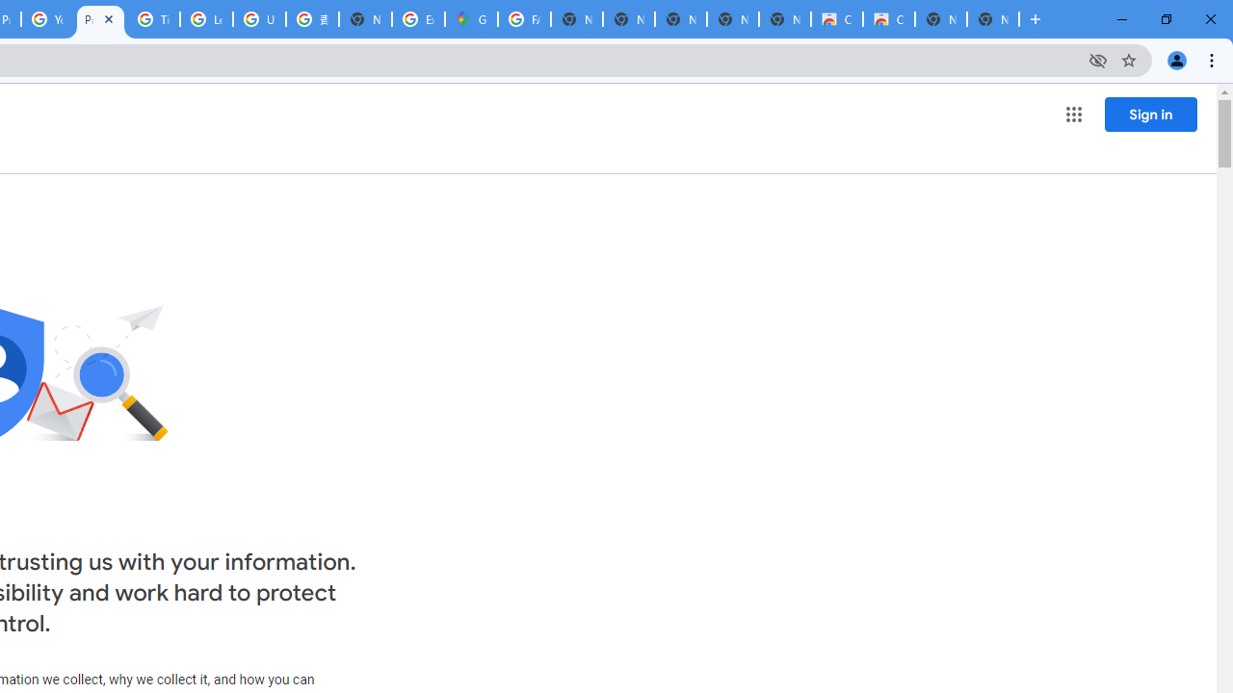 This screenshot has width=1233, height=693. What do you see at coordinates (471, 19) in the screenshot?
I see `'Google Maps'` at bounding box center [471, 19].